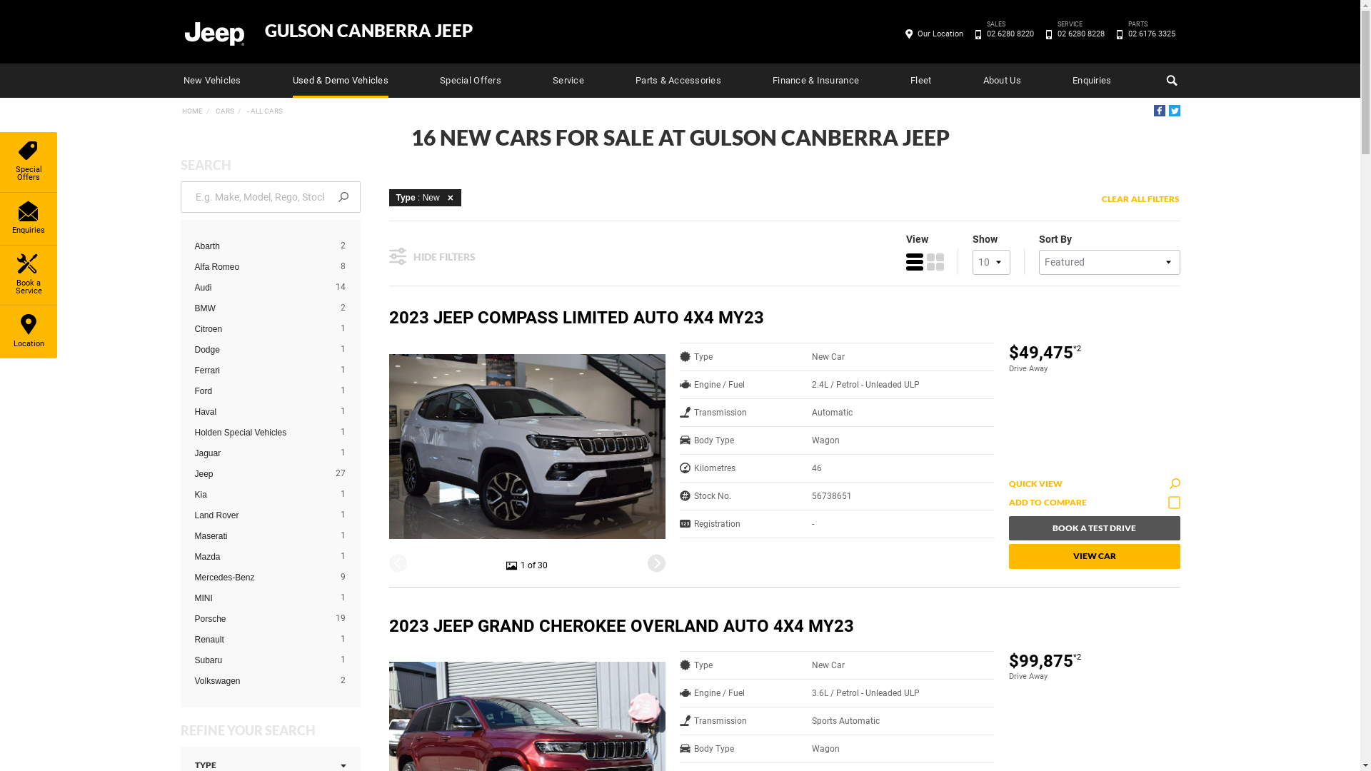  I want to click on 'Audi', so click(259, 287).